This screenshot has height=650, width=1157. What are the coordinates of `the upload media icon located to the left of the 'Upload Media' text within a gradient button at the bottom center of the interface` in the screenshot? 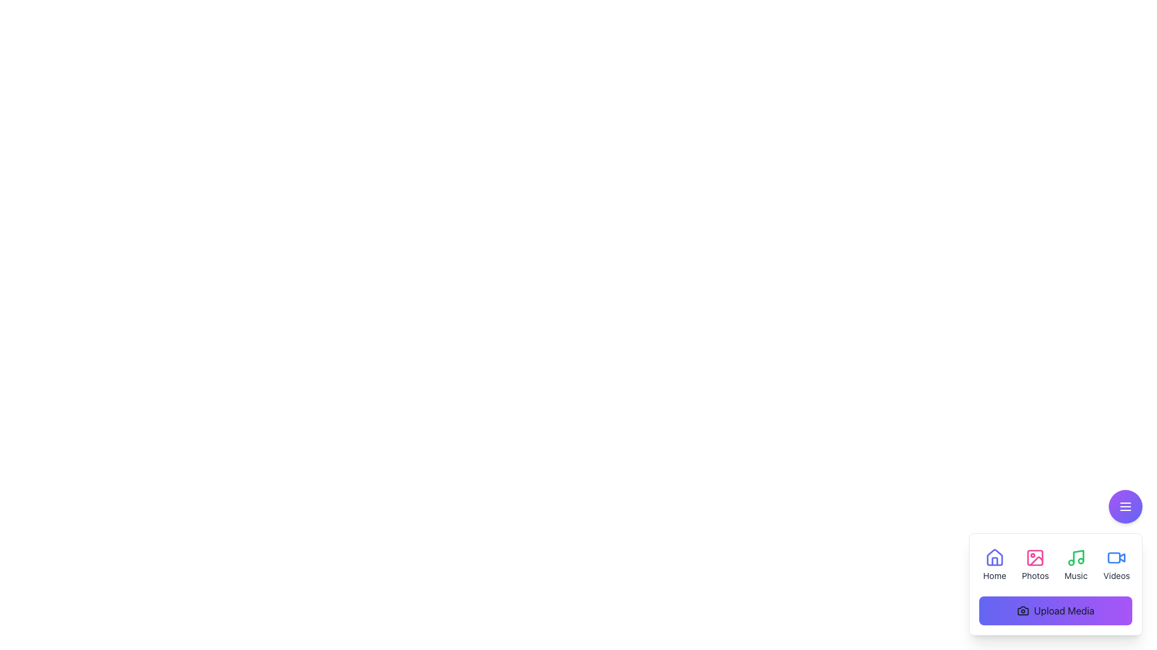 It's located at (1022, 610).